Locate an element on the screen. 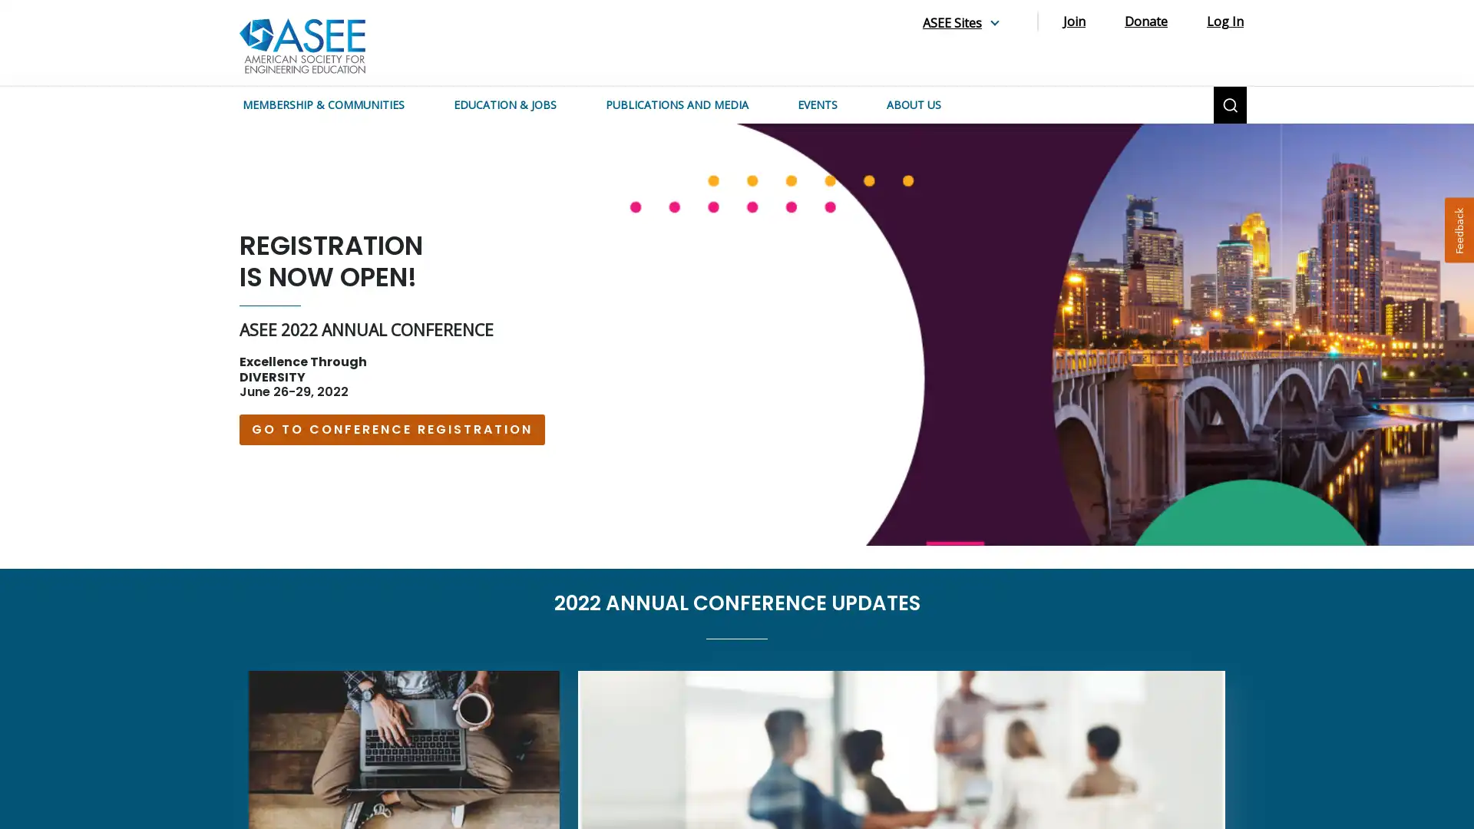  MEMBERSHIP & COMMUNITIES is located at coordinates (335, 104).